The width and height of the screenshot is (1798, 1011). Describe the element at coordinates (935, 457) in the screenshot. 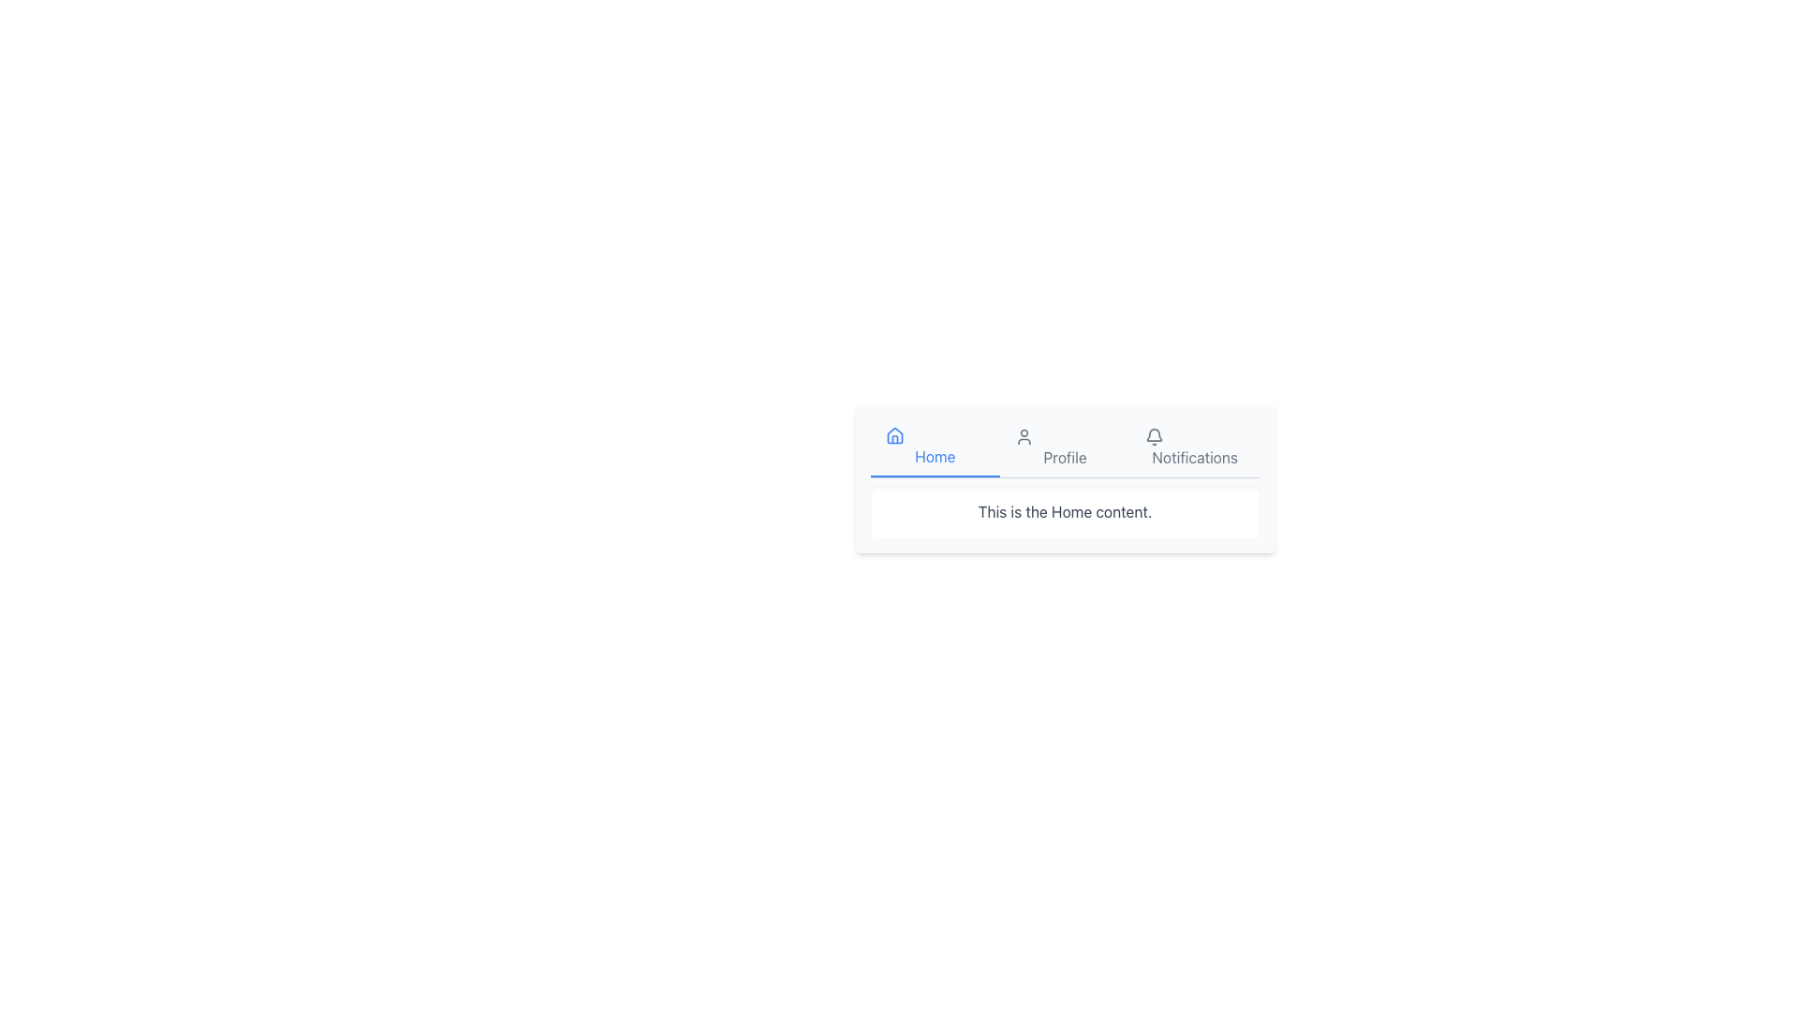

I see `the 'Home' text label in the navigation bar to indicate the current context or available navigation option` at that location.